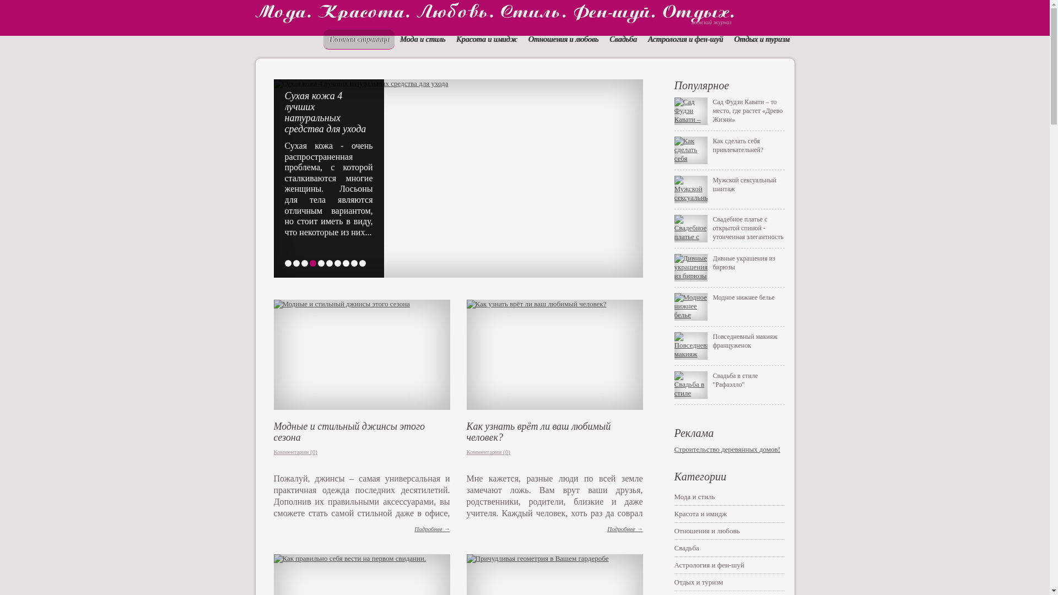 Image resolution: width=1058 pixels, height=595 pixels. Describe the element at coordinates (329, 263) in the screenshot. I see `'6'` at that location.